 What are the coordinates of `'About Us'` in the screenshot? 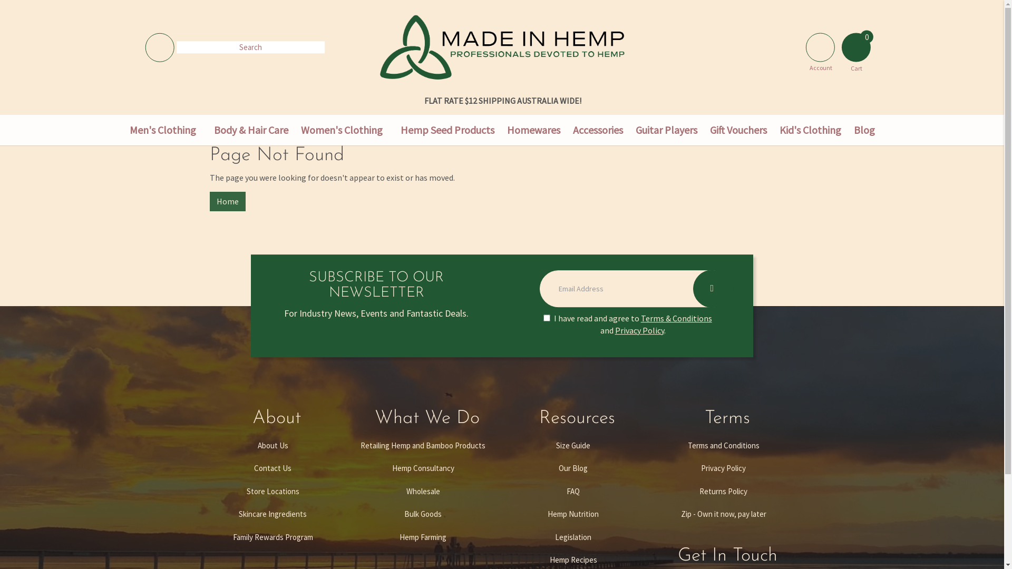 It's located at (273, 445).